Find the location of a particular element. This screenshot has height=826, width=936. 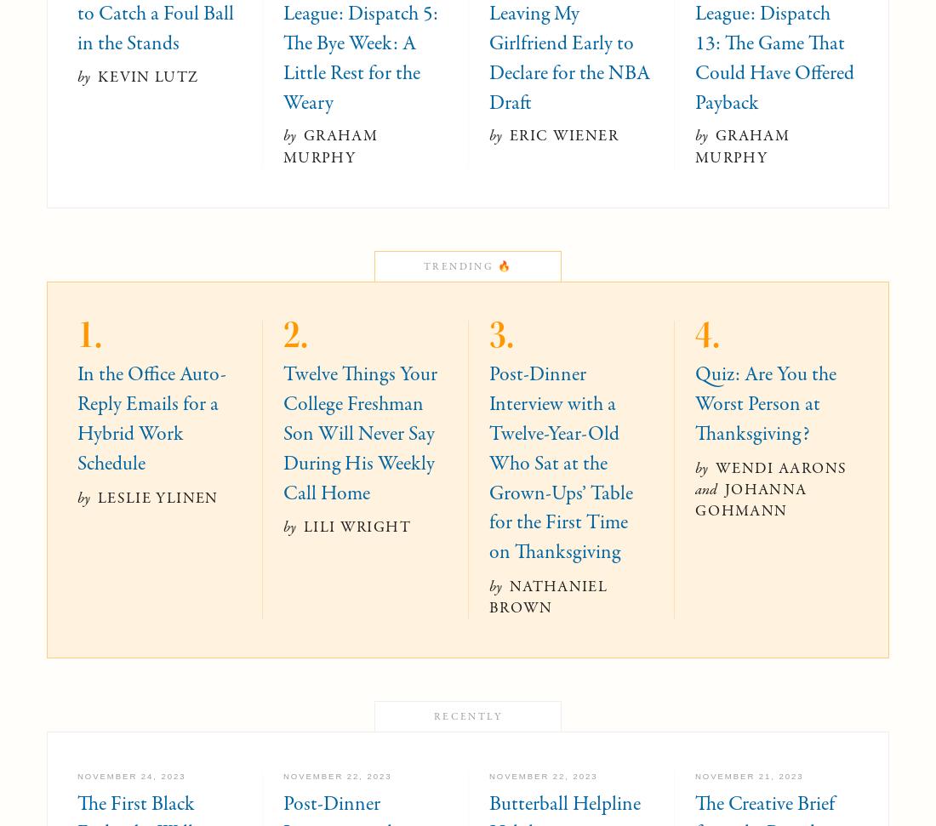

'Quiz: Are You the Worst Person at Thanksgiving?' is located at coordinates (766, 404).